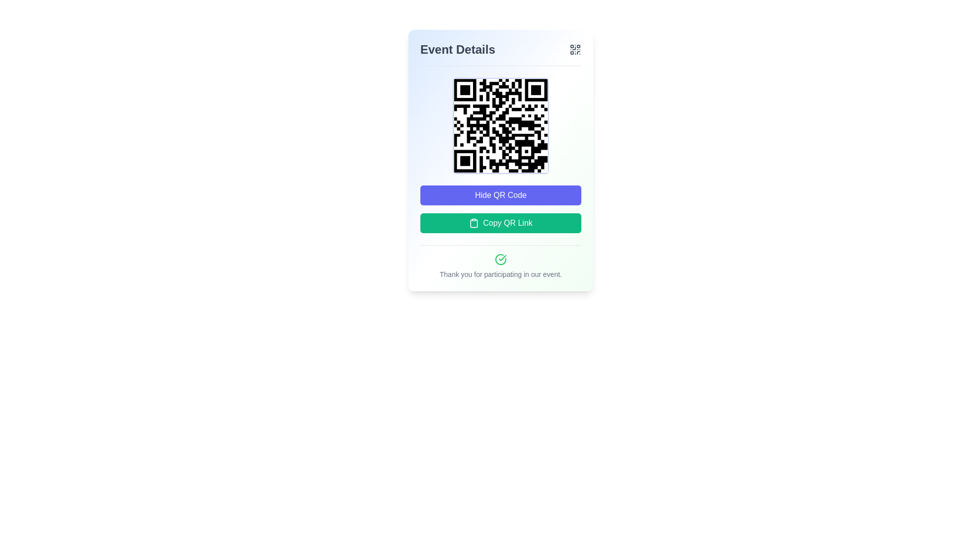  I want to click on the green circular icon with a checkmark that is visually aligned centrally above the text 'Thank you for participating in our event.', so click(501, 259).